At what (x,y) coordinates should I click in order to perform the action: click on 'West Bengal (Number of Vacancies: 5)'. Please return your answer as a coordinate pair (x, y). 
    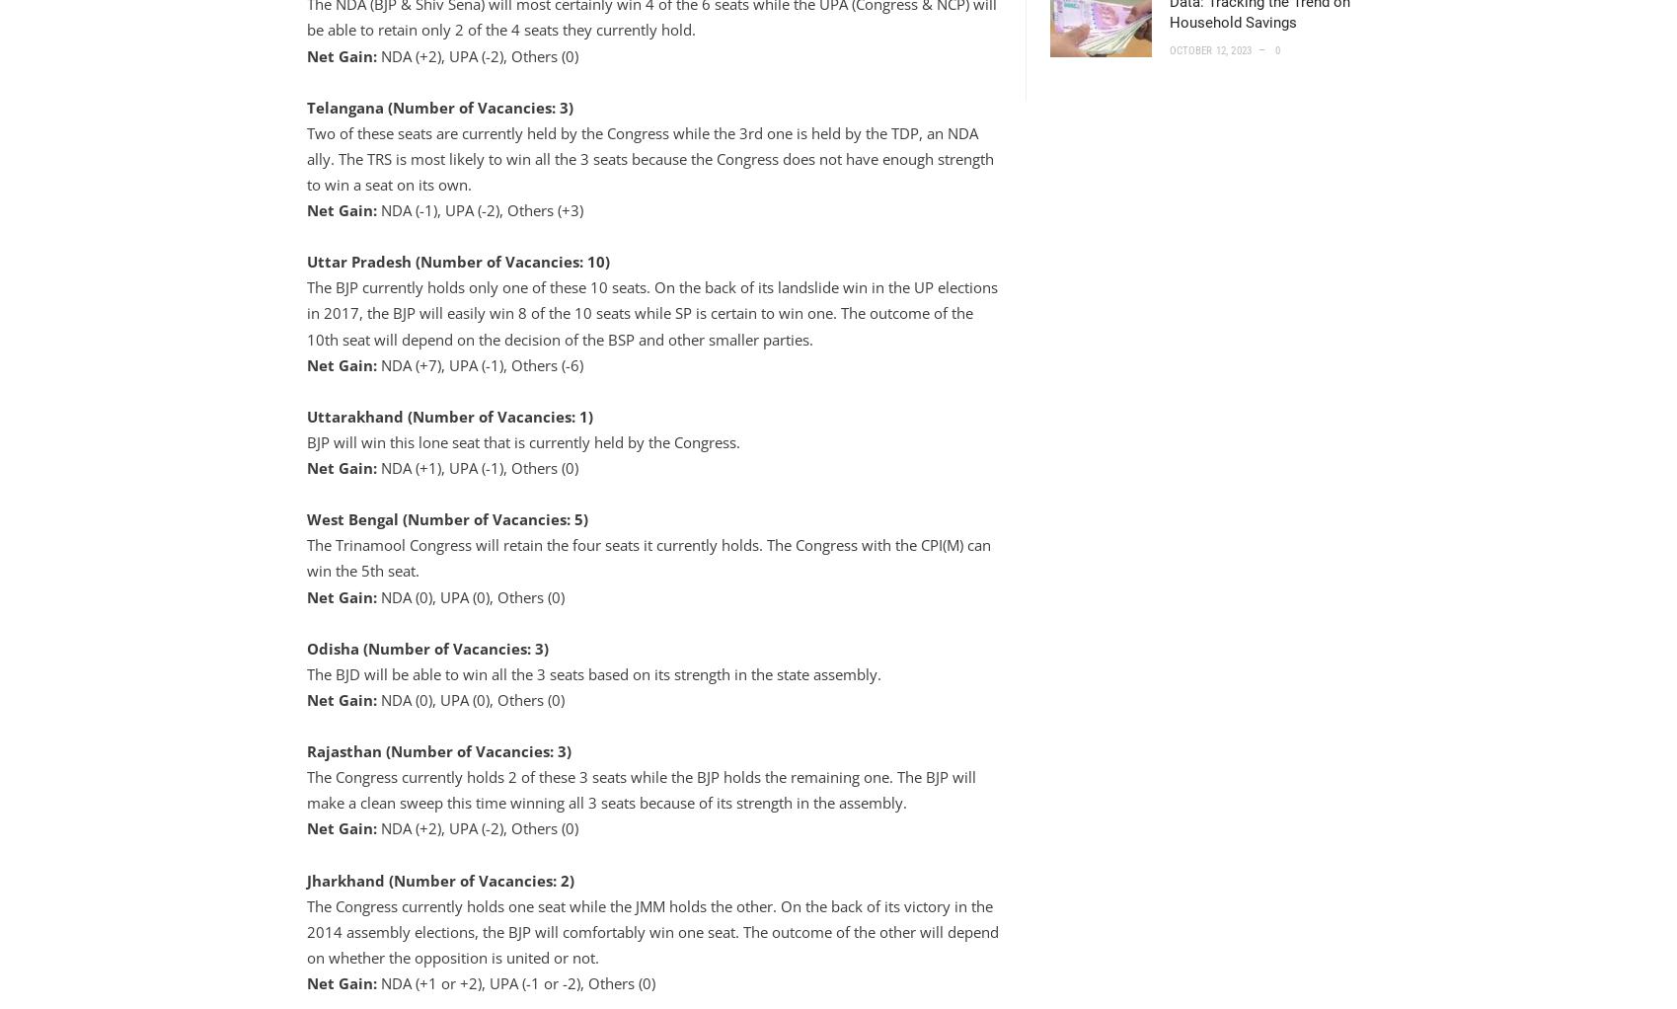
    Looking at the image, I should click on (446, 518).